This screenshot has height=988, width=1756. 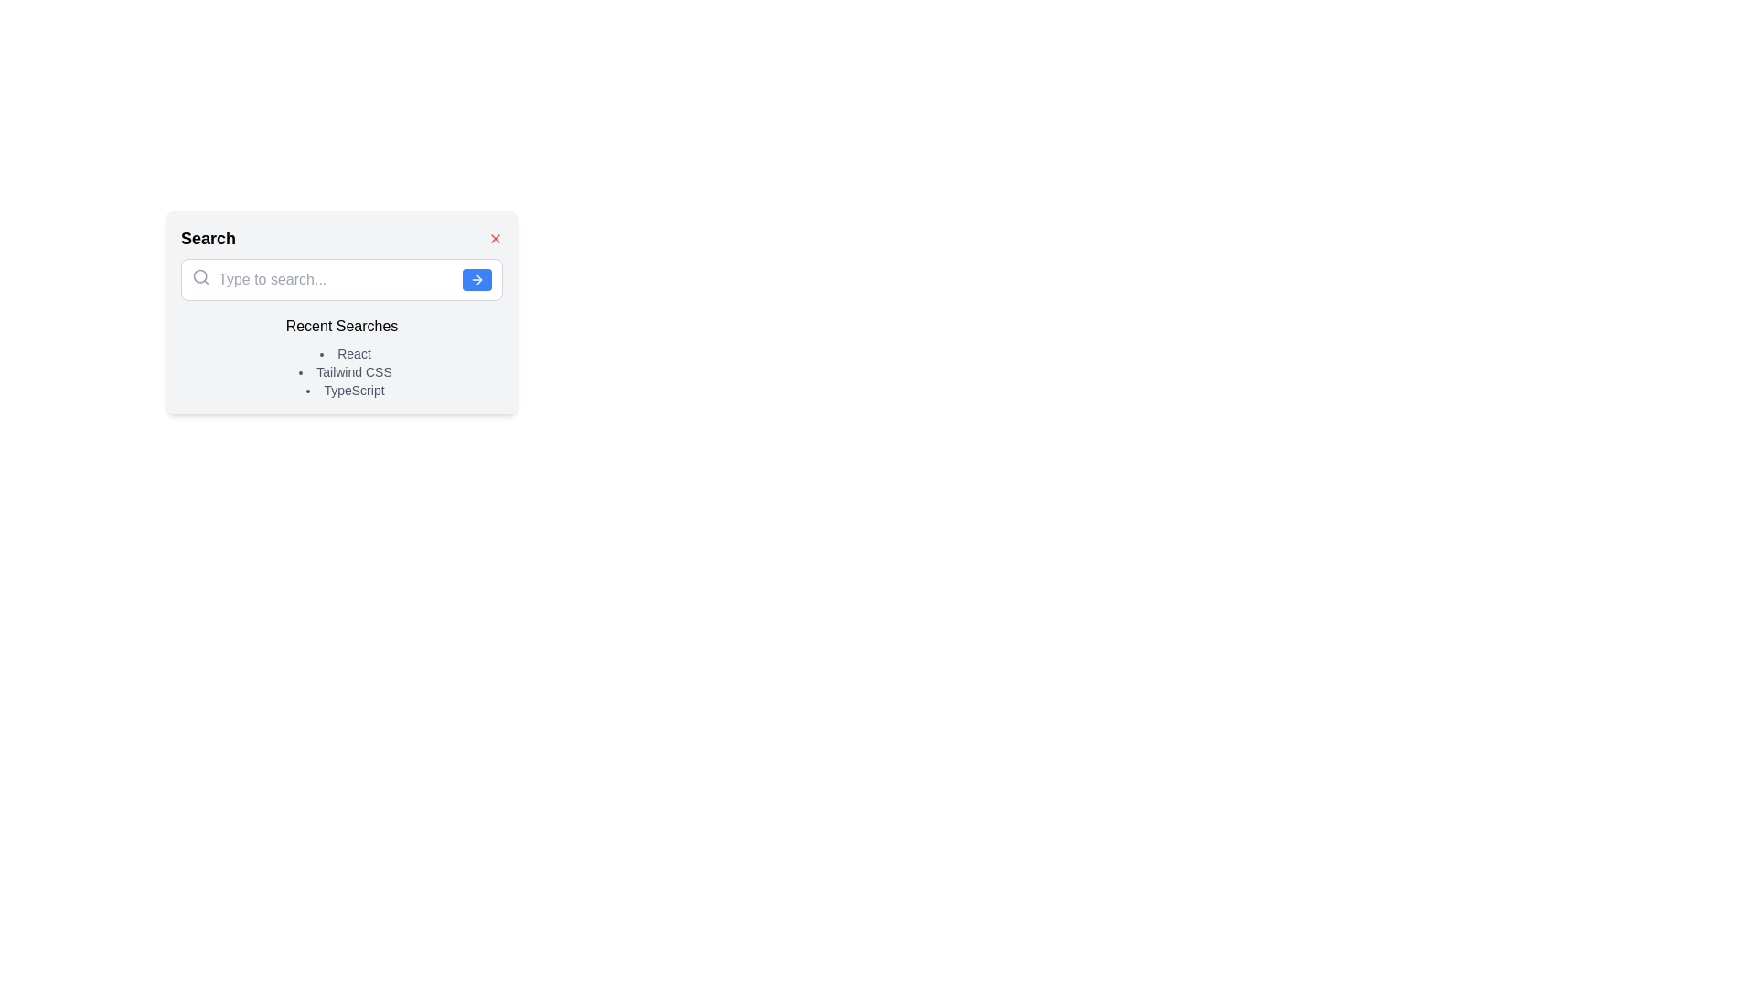 What do you see at coordinates (346, 371) in the screenshot?
I see `the non-interactive label that displays recent search keywords, specifically the second item in the list under 'Recent Searches'` at bounding box center [346, 371].